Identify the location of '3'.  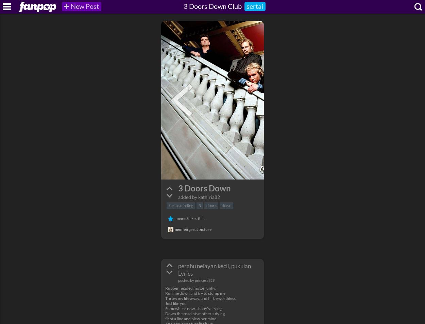
(199, 205).